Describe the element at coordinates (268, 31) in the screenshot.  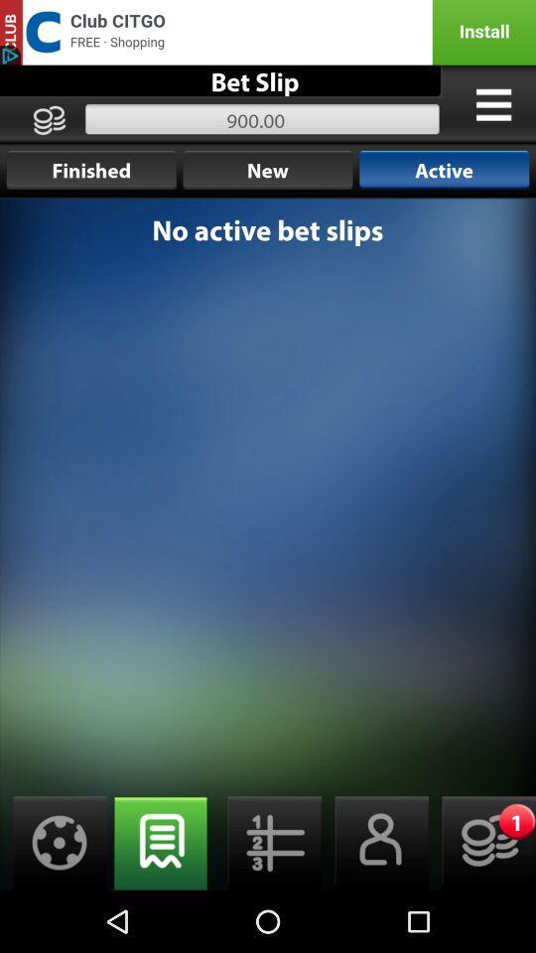
I see `advertisement` at that location.